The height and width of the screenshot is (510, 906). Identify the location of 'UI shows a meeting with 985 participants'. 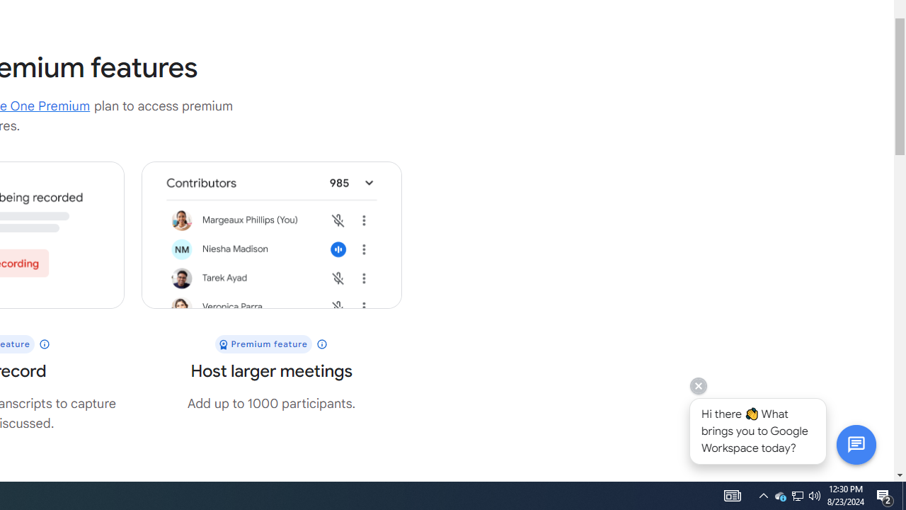
(271, 234).